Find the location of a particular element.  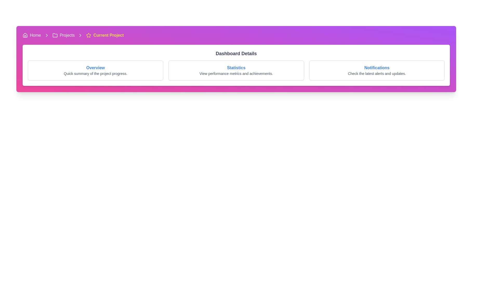

the Informational Section, which is the middle element of the 'Dashboard Details' panel, displaying performance metrics and achievements is located at coordinates (236, 70).